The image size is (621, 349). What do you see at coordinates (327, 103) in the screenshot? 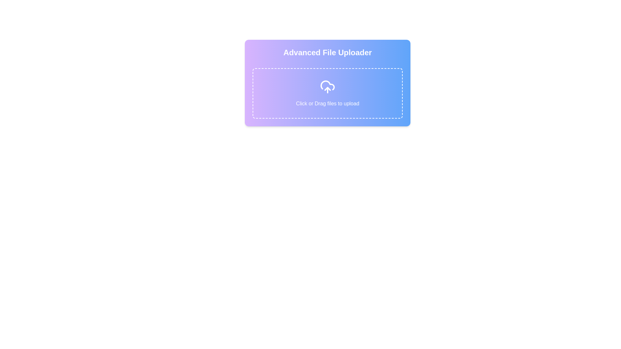
I see `the text element that displays instructions for file upload, positioned beneath the upload icon` at bounding box center [327, 103].